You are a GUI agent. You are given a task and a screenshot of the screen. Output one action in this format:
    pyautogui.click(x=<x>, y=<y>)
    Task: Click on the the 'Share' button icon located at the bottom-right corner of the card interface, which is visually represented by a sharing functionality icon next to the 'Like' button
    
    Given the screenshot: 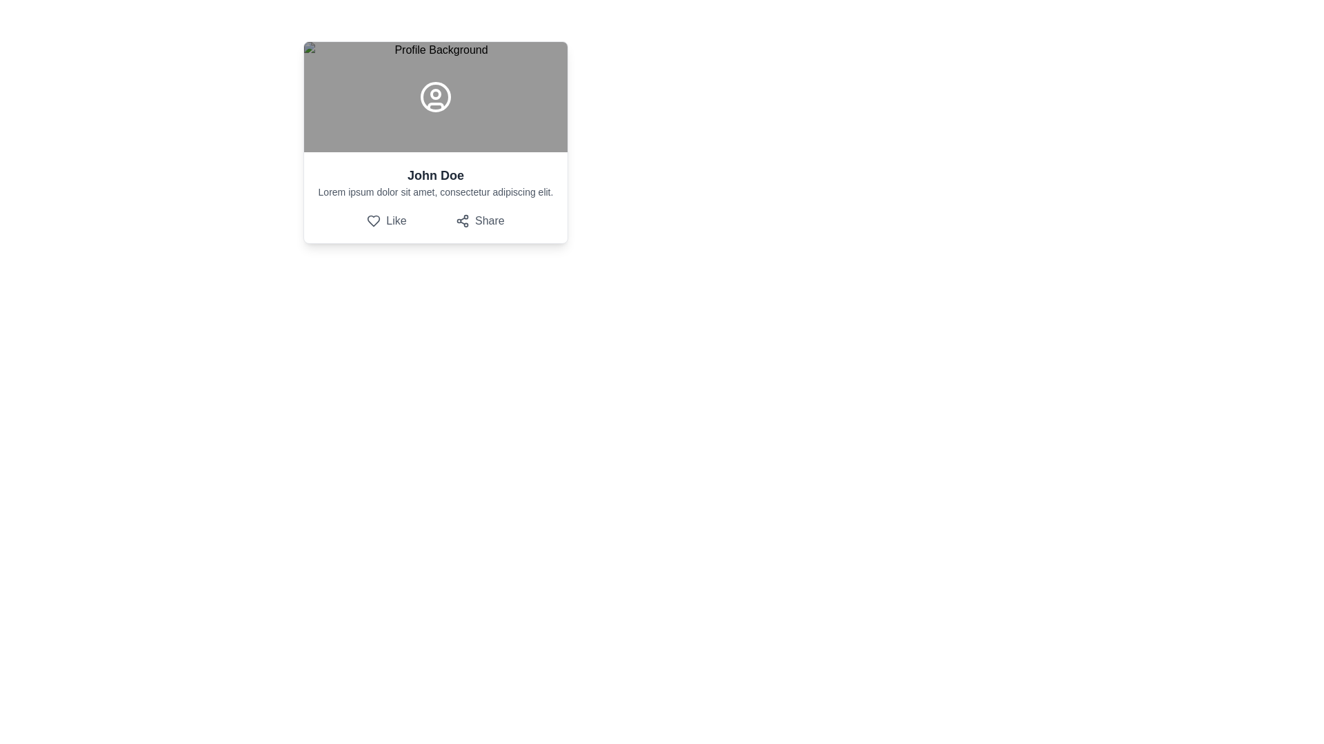 What is the action you would take?
    pyautogui.click(x=463, y=220)
    